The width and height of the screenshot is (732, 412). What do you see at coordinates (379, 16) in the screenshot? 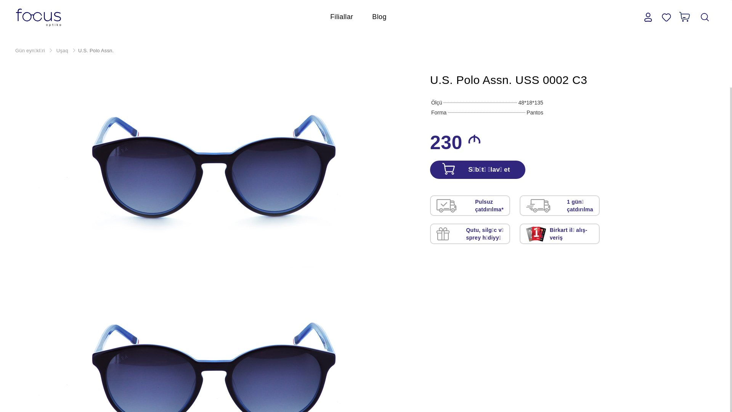
I see `'Blog'` at bounding box center [379, 16].